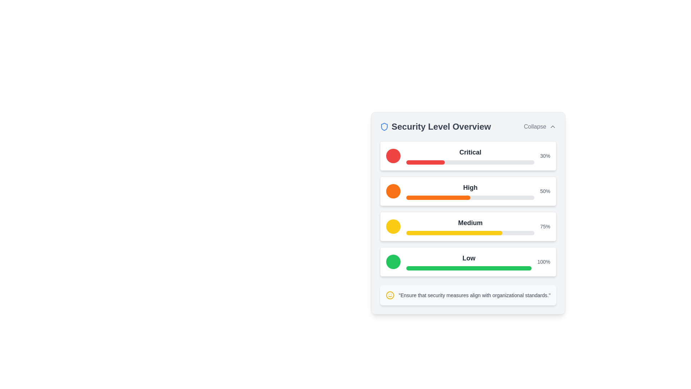 Image resolution: width=691 pixels, height=389 pixels. I want to click on the filled portion of the progress bar indicating 75% progress for the 'Medium' security level in the 'Security Level Overview' panel, so click(454, 233).